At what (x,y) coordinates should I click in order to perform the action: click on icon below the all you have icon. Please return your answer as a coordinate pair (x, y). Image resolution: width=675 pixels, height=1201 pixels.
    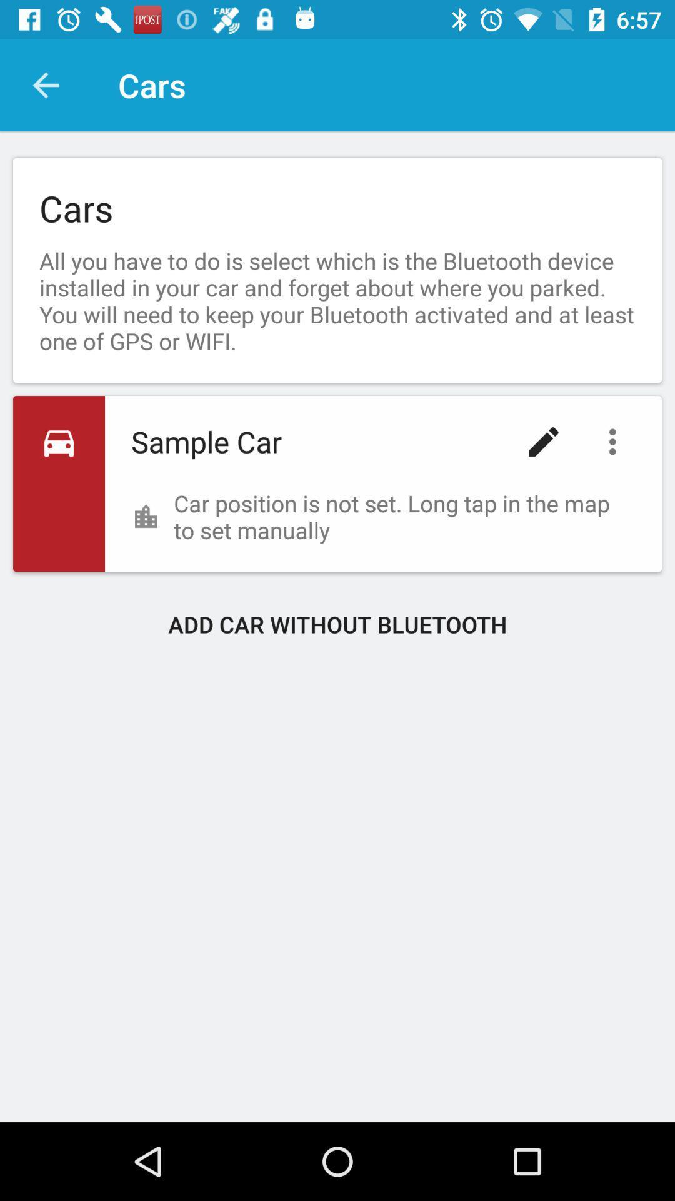
    Looking at the image, I should click on (543, 442).